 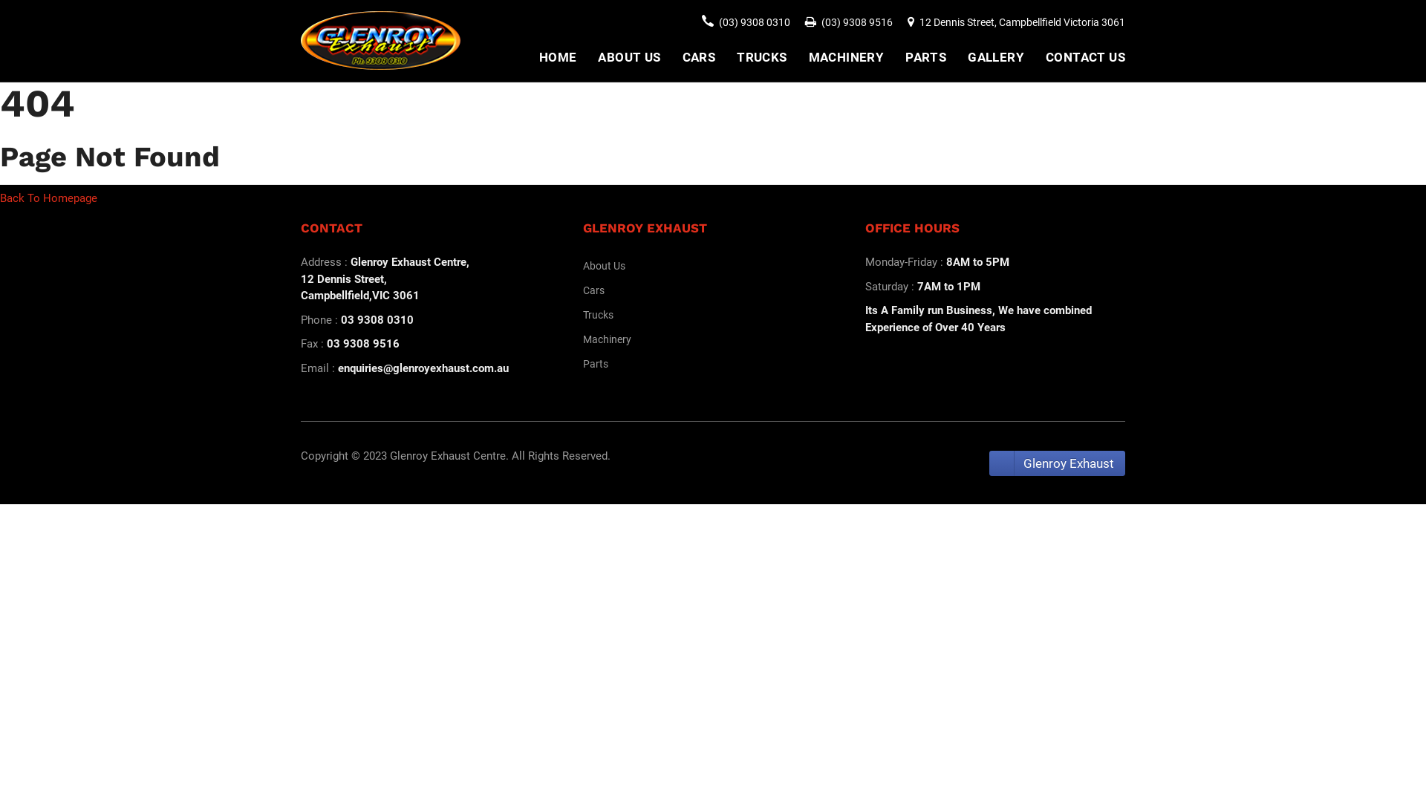 I want to click on 'ABOUT US', so click(x=628, y=56).